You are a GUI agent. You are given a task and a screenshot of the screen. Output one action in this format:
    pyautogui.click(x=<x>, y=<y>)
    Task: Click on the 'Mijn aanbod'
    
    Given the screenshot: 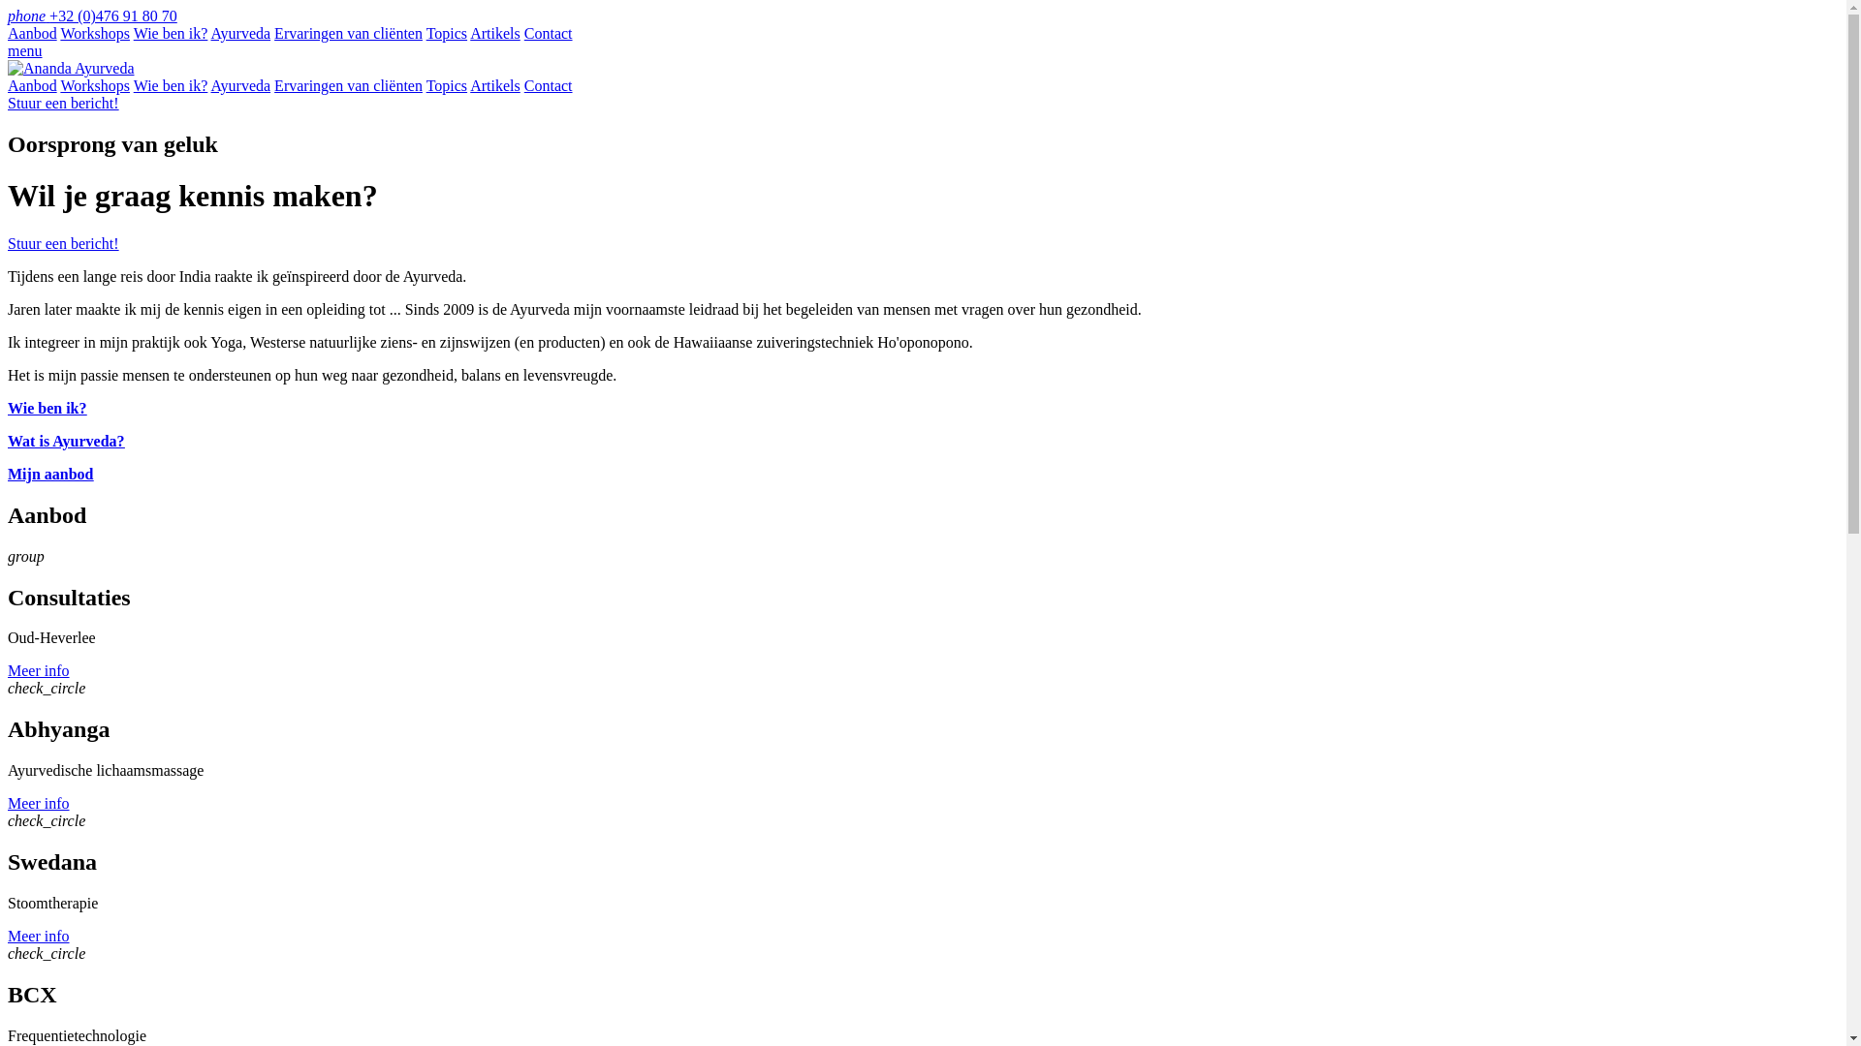 What is the action you would take?
    pyautogui.click(x=50, y=474)
    